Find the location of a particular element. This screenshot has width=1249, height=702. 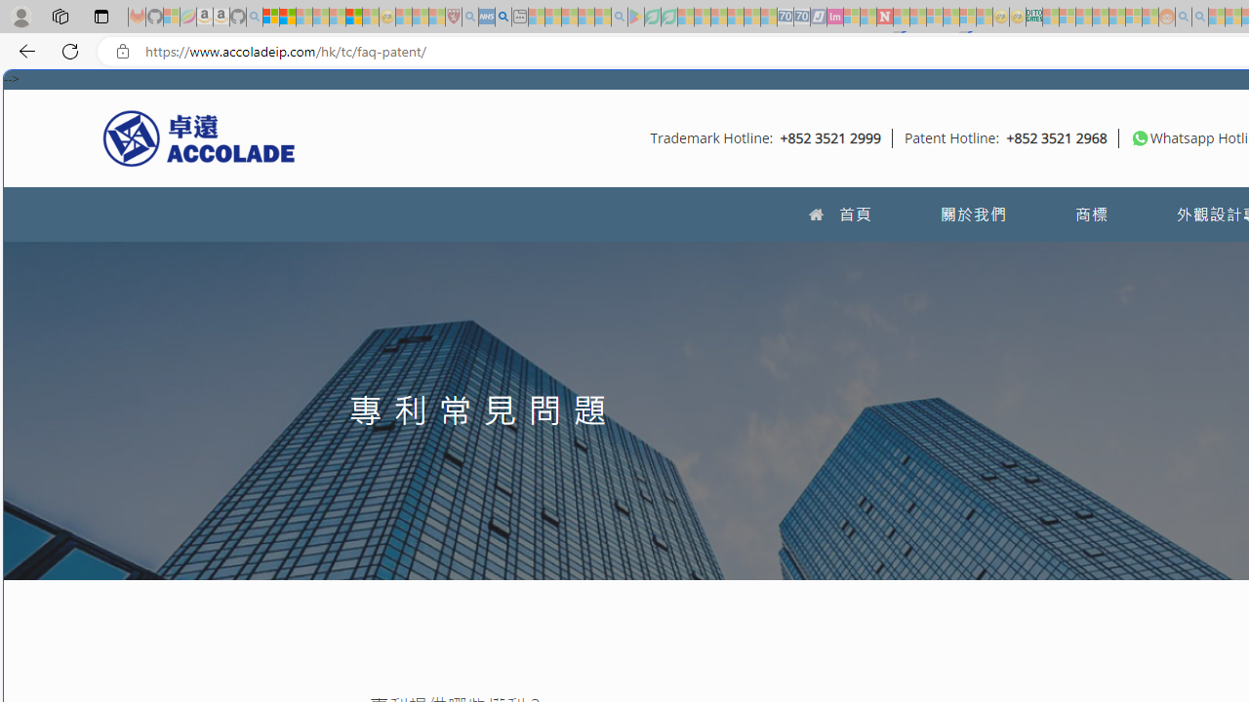

'Personal Profile' is located at coordinates (20, 16).